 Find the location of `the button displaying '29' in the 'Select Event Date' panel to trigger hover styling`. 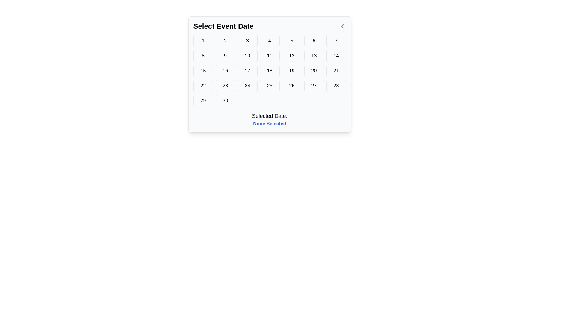

the button displaying '29' in the 'Select Event Date' panel to trigger hover styling is located at coordinates (203, 100).